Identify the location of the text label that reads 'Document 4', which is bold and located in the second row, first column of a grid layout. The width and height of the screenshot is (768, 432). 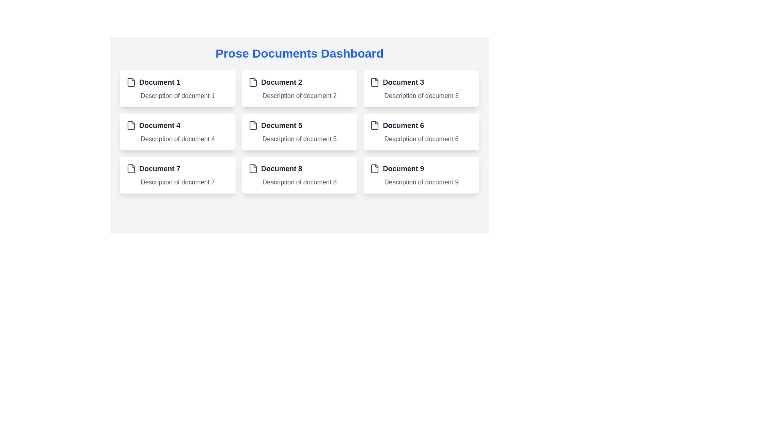
(177, 125).